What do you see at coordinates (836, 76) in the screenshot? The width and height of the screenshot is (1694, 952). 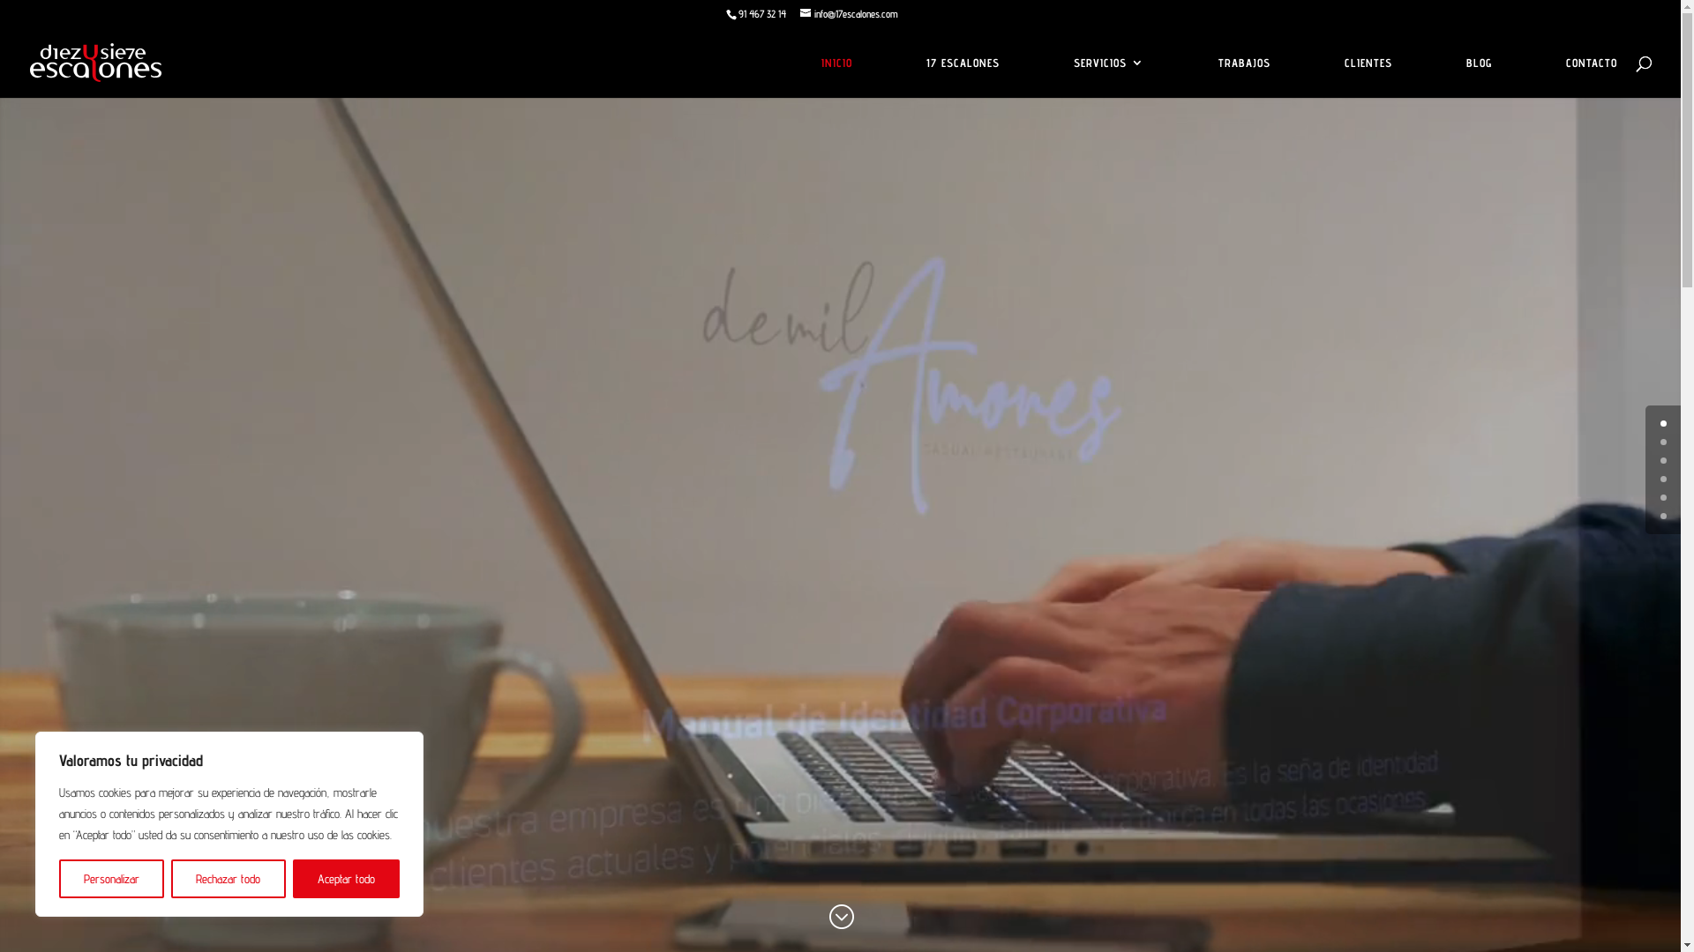 I see `'INICIO'` at bounding box center [836, 76].